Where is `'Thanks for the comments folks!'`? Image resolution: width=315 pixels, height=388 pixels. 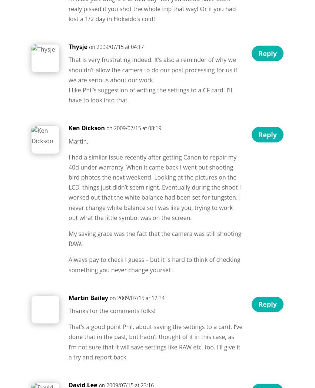
'Thanks for the comments folks!' is located at coordinates (112, 310).